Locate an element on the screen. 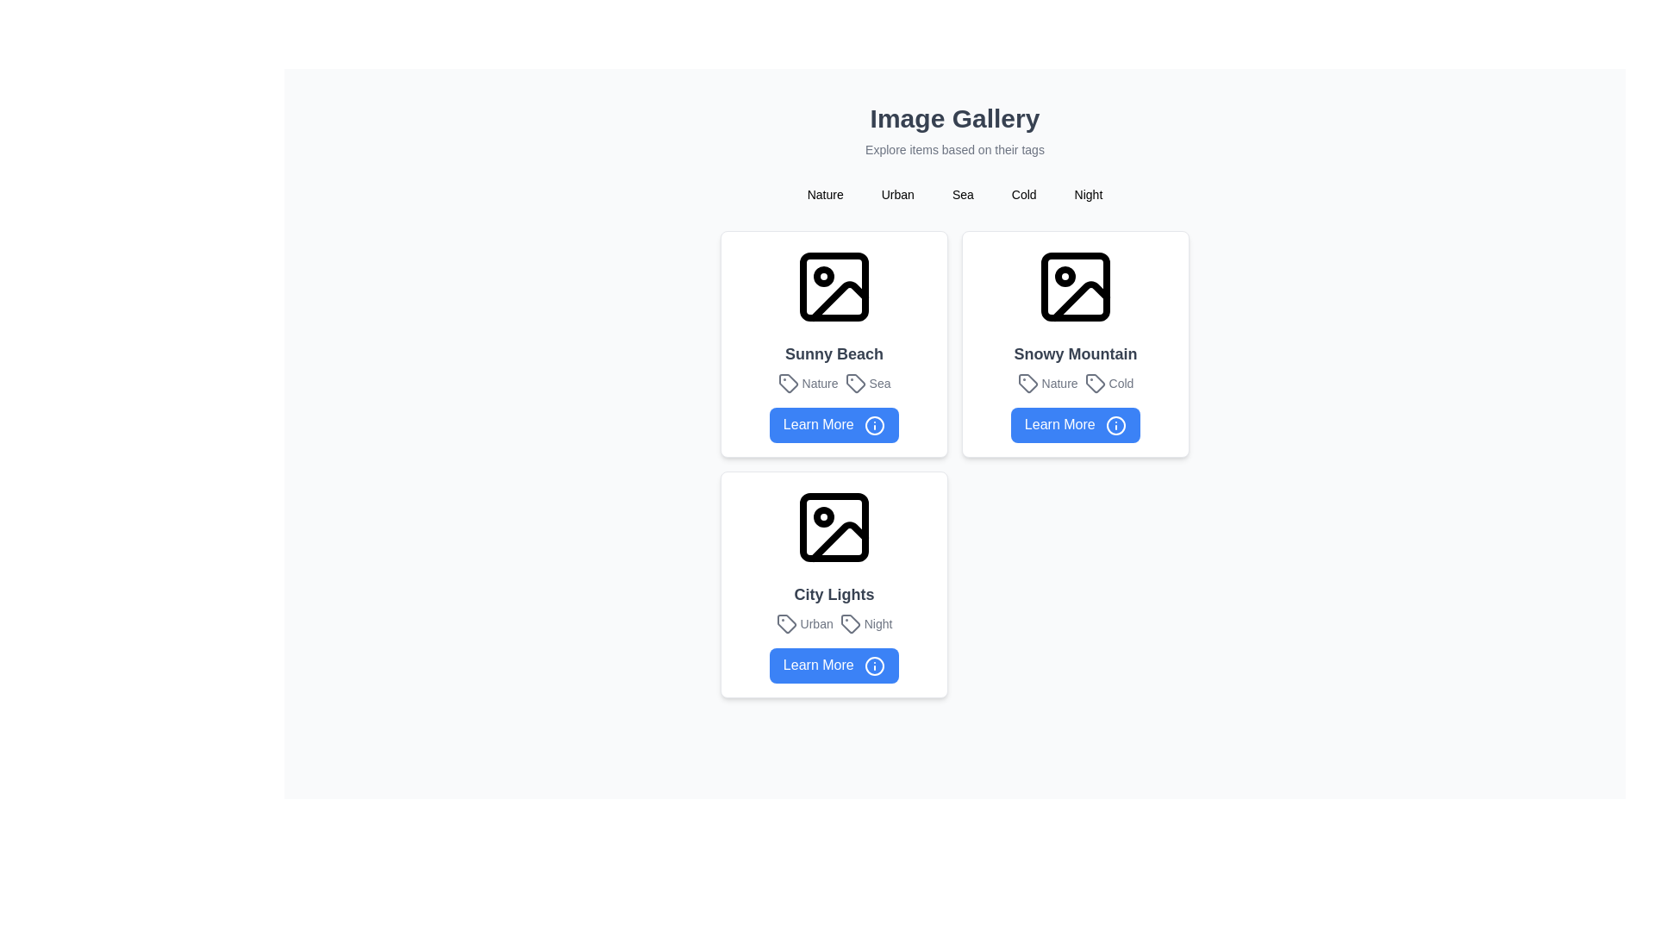 Image resolution: width=1655 pixels, height=931 pixels. the Decorative SVG element forming the main rectangular area of the image icon within the 'City Lights' card in the gallery layout is located at coordinates (834, 525).